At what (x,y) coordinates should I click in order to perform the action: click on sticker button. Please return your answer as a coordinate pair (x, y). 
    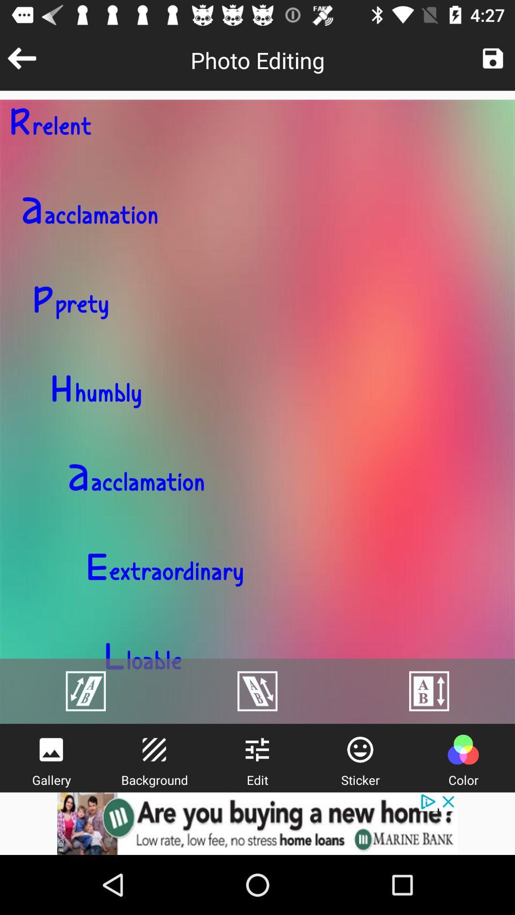
    Looking at the image, I should click on (360, 749).